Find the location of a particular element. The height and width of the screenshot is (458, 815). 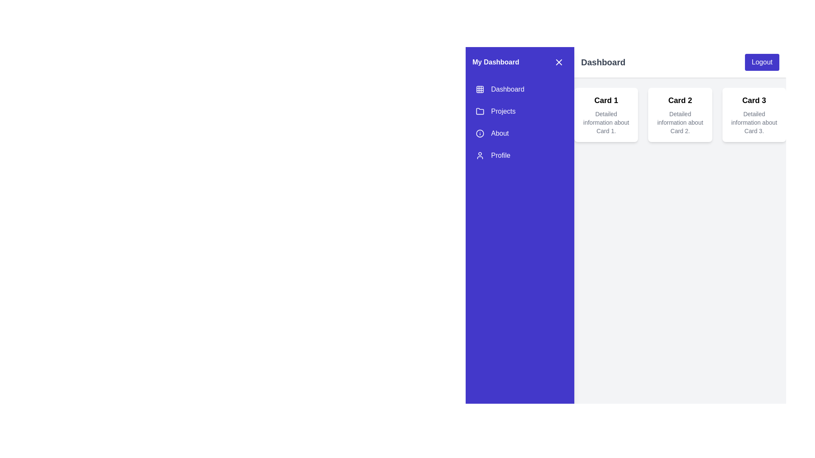

the circular outline icon representing the 'About' section in the sidebar navigation menu is located at coordinates (480, 134).